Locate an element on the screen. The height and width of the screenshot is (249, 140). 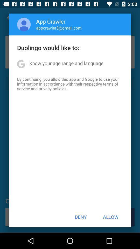
icon below the by continuing you icon is located at coordinates (81, 217).